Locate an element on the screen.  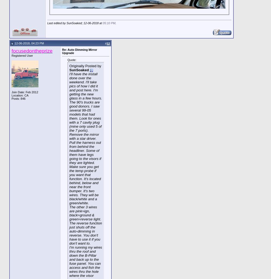
'12-06-2018, 04:23 PM' is located at coordinates (29, 43).